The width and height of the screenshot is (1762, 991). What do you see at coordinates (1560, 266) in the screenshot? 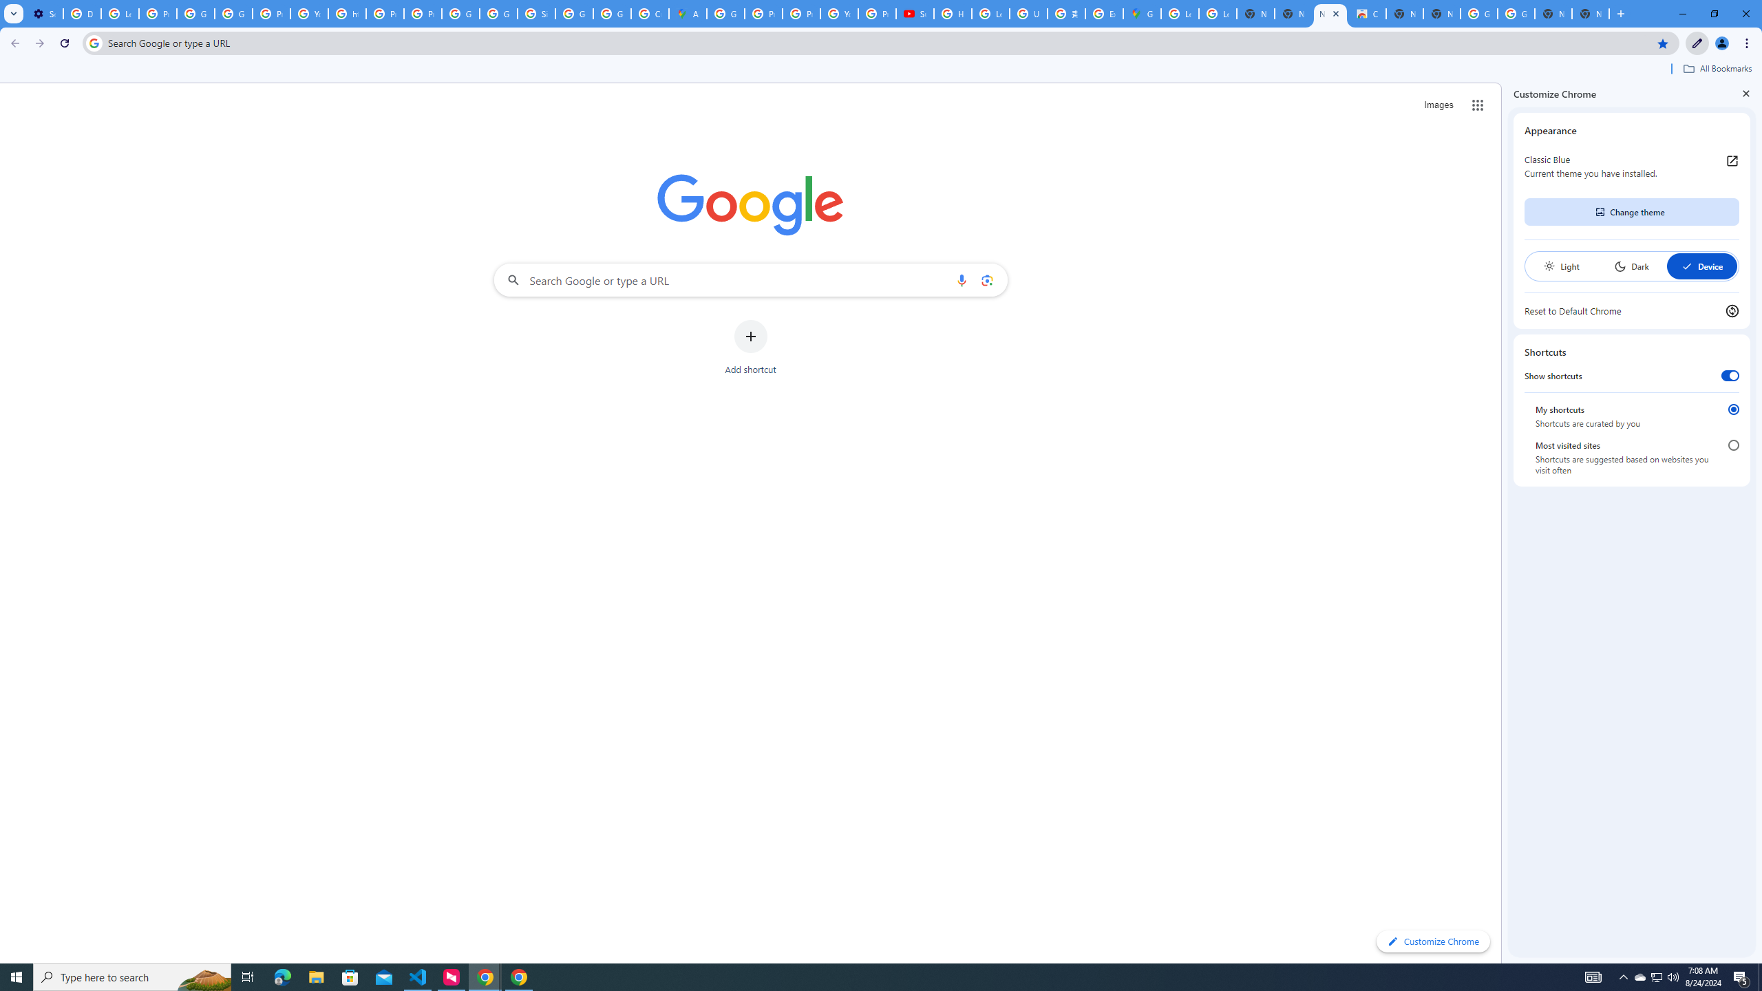
I see `'Light'` at bounding box center [1560, 266].